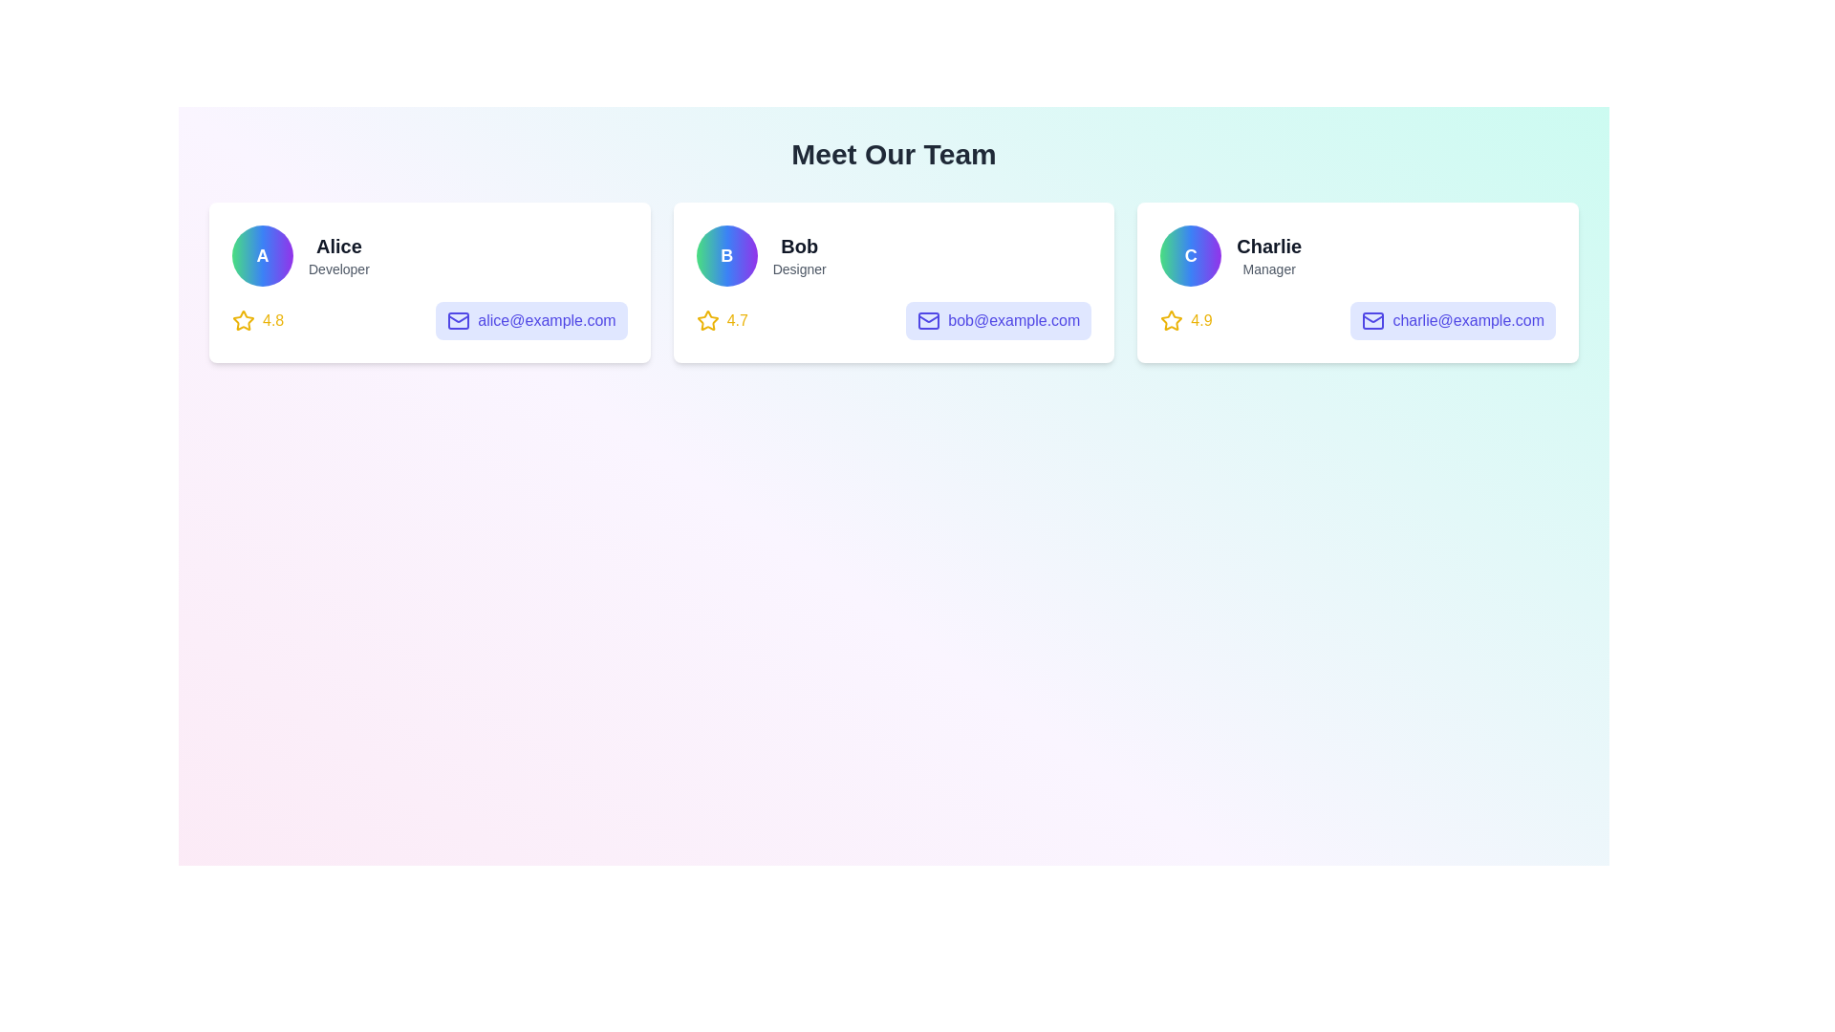 Image resolution: width=1835 pixels, height=1032 pixels. I want to click on the envelope icon within Bob's email card, so click(929, 318).